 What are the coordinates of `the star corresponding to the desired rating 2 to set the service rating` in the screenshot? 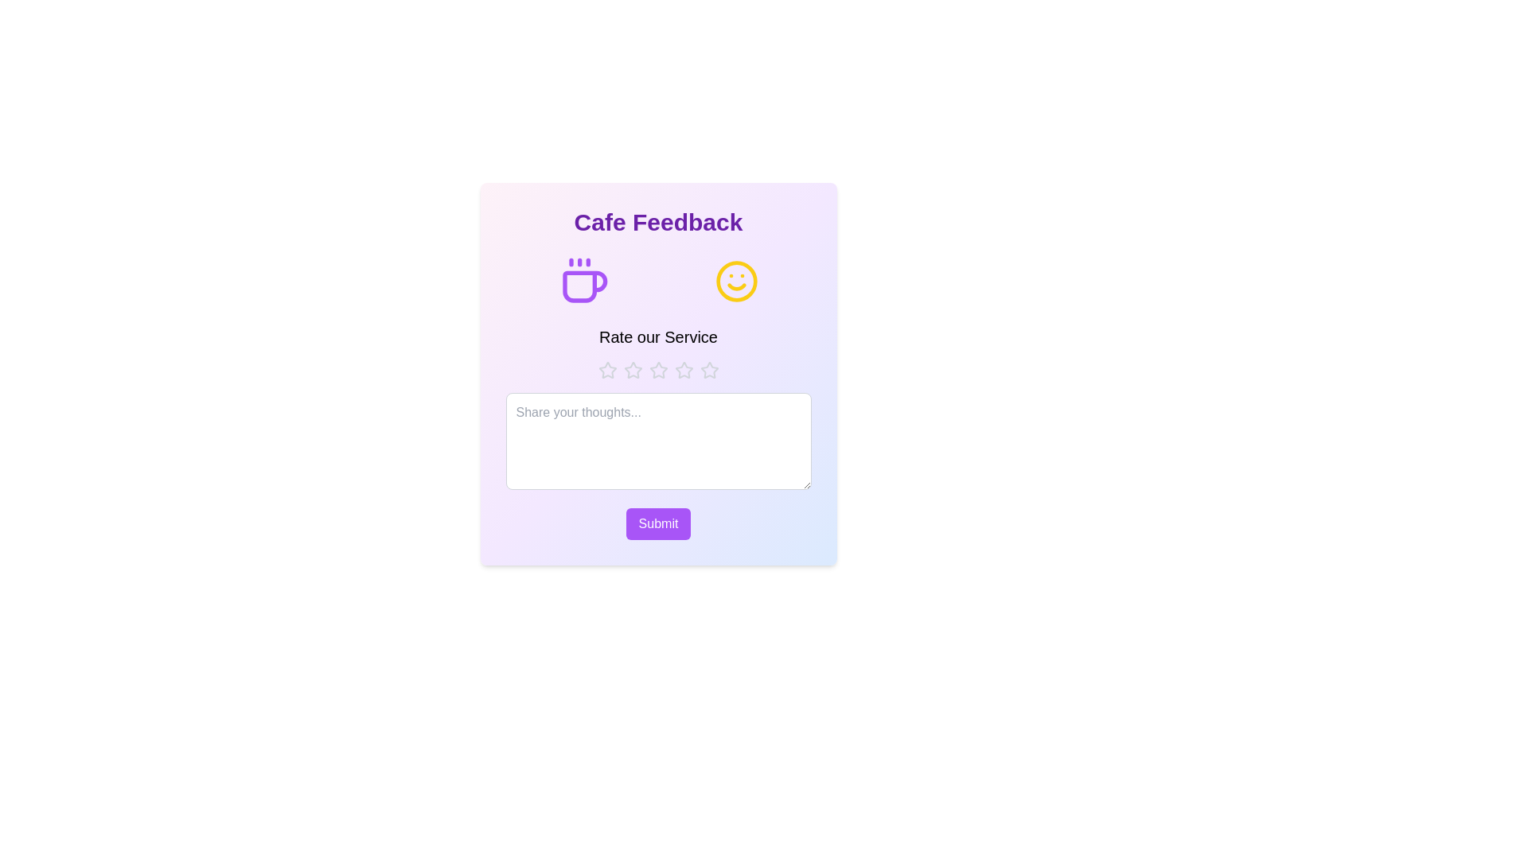 It's located at (632, 371).